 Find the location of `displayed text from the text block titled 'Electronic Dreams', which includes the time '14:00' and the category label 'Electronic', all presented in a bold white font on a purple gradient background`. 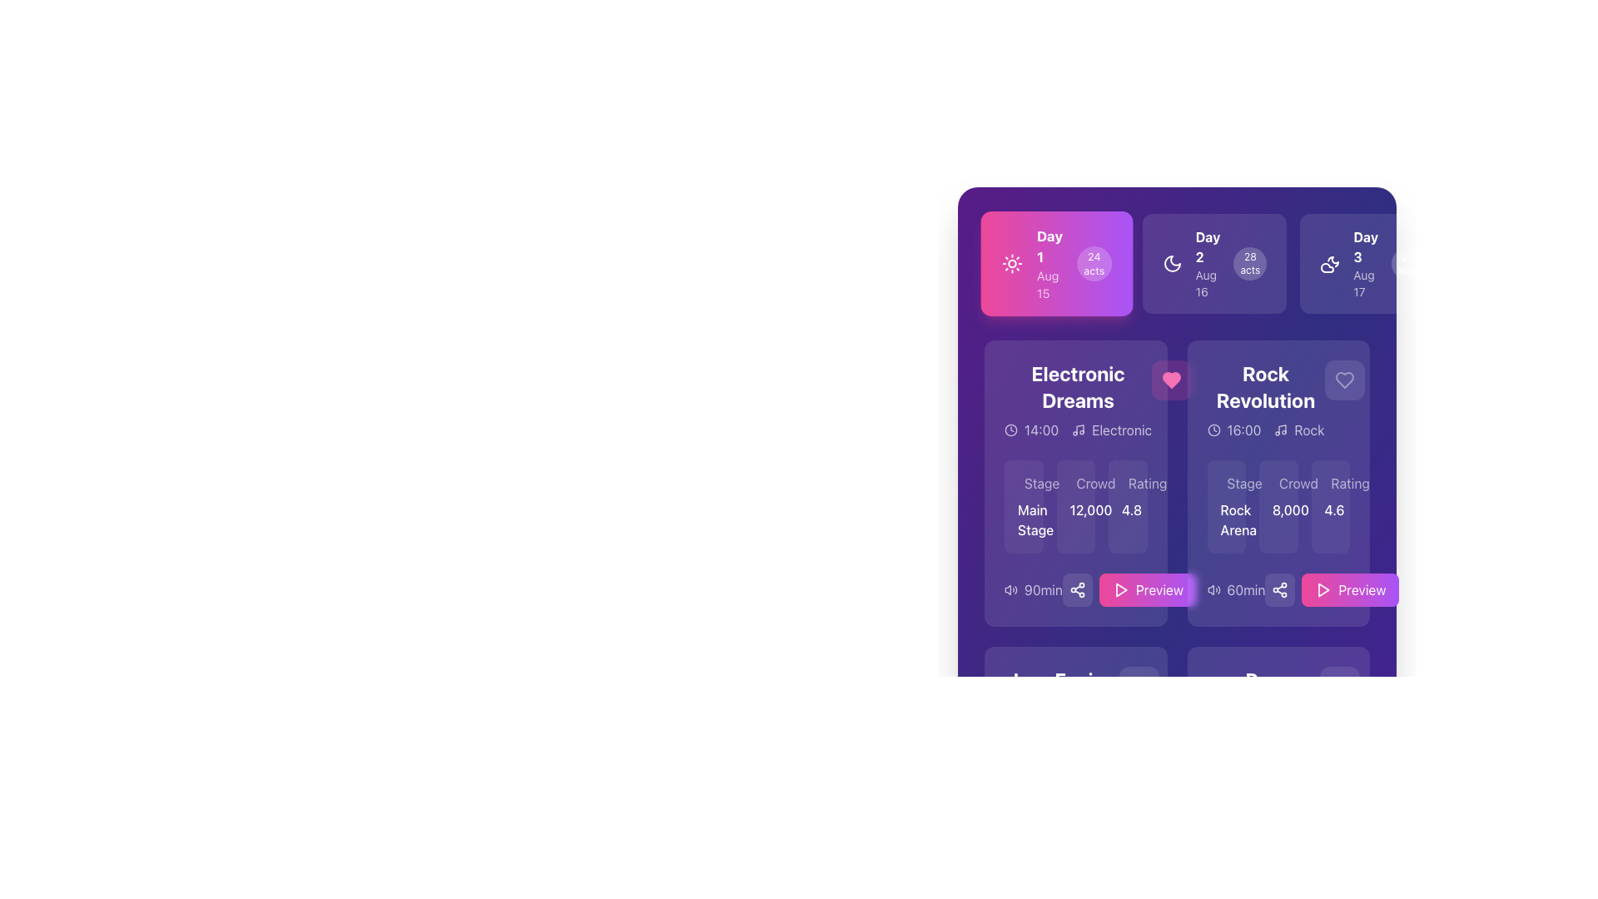

displayed text from the text block titled 'Electronic Dreams', which includes the time '14:00' and the category label 'Electronic', all presented in a bold white font on a purple gradient background is located at coordinates (1075, 400).